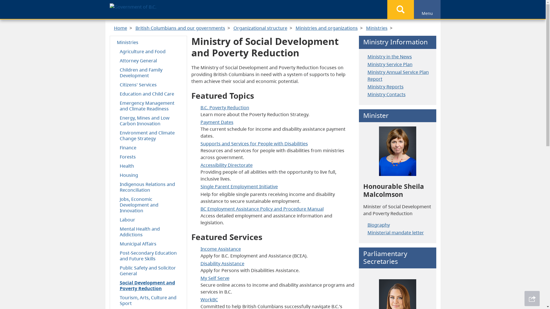 Image resolution: width=550 pixels, height=309 pixels. What do you see at coordinates (118, 187) in the screenshot?
I see `'Indigenous Relations and Reconciliation'` at bounding box center [118, 187].